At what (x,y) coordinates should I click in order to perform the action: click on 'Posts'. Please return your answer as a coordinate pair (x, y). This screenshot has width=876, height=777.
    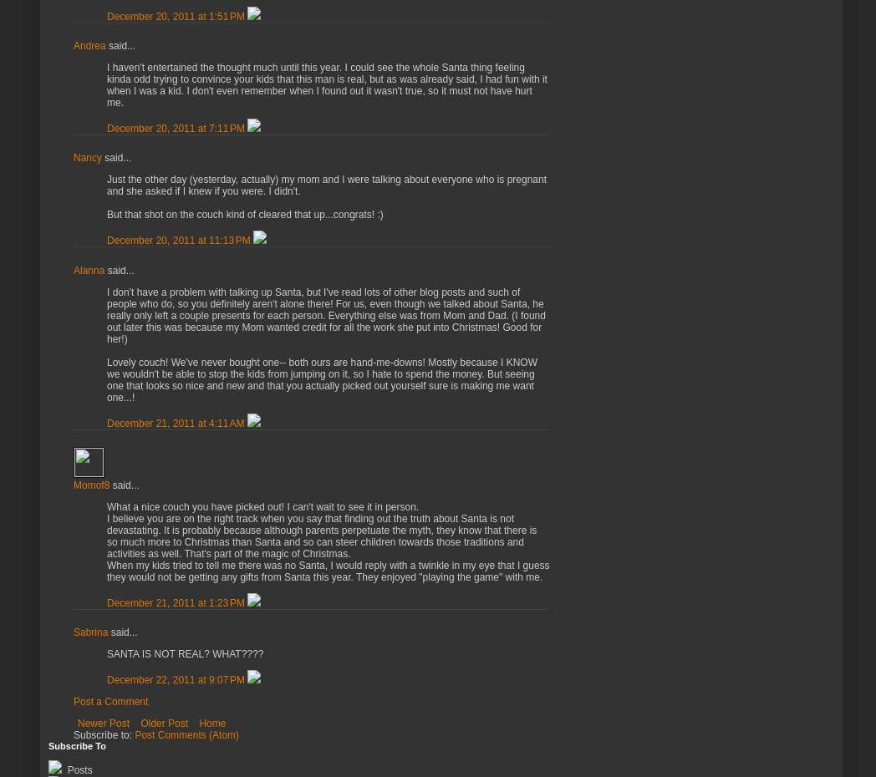
    Looking at the image, I should click on (77, 770).